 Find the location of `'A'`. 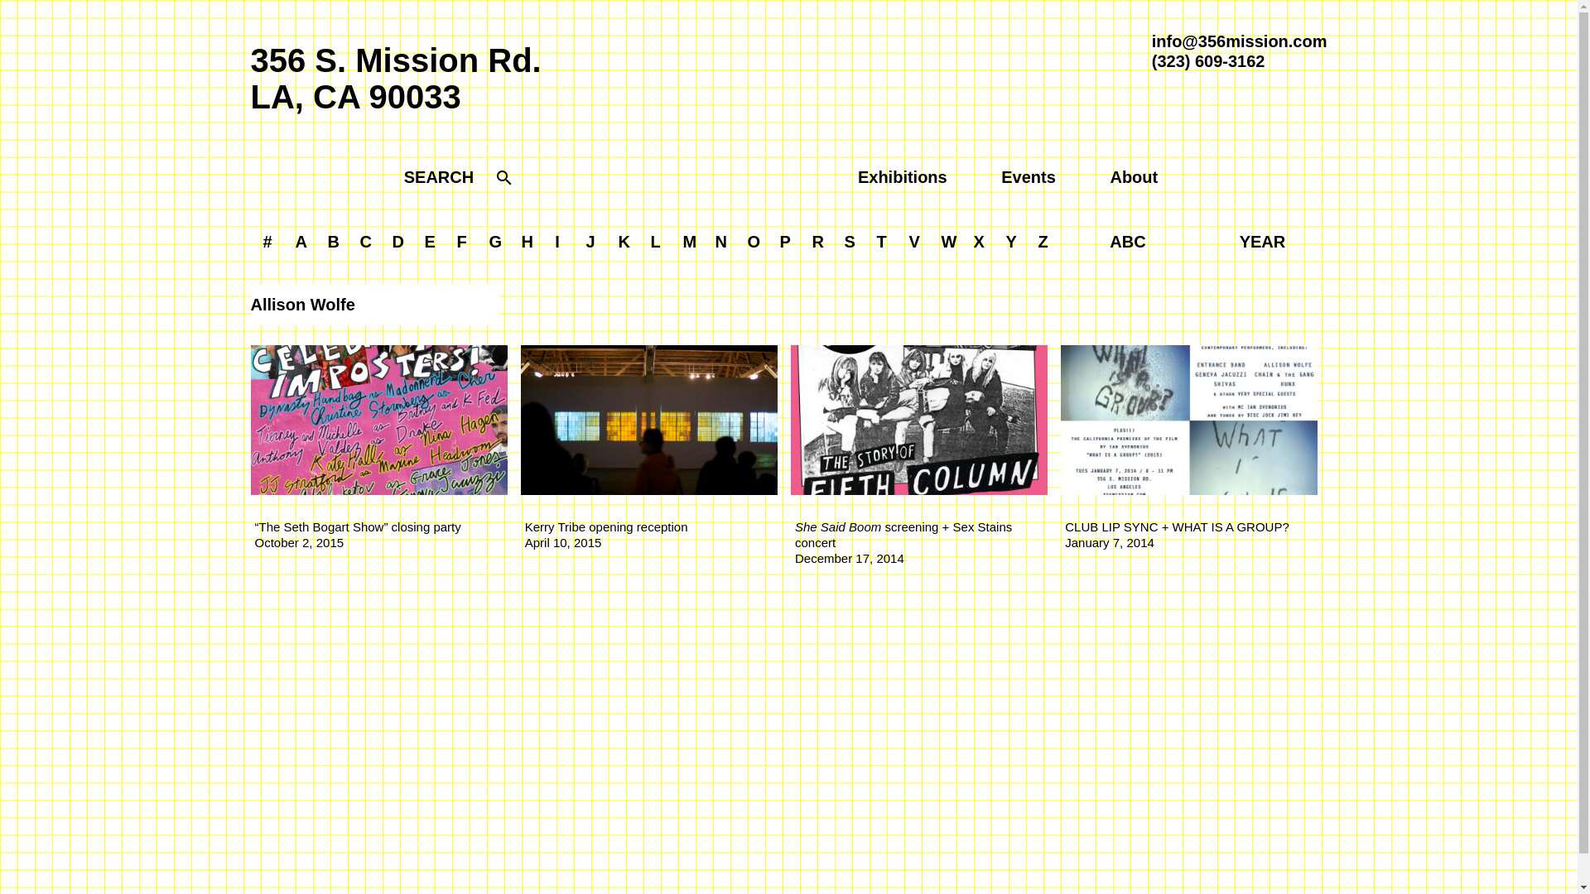

'A' is located at coordinates (301, 242).